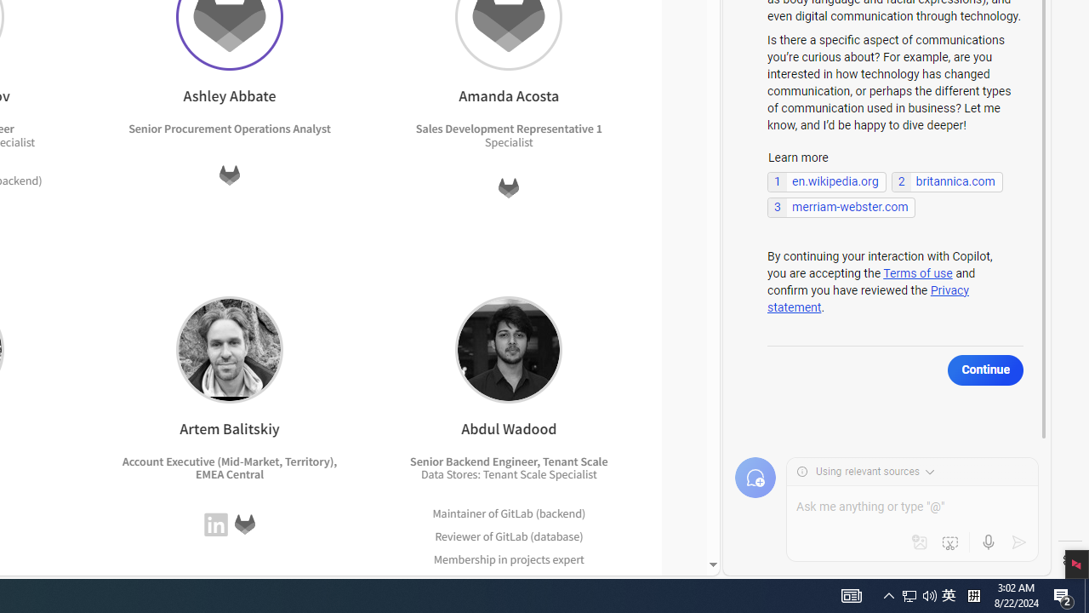  What do you see at coordinates (509, 581) in the screenshot?
I see `'Membership in groups expert'` at bounding box center [509, 581].